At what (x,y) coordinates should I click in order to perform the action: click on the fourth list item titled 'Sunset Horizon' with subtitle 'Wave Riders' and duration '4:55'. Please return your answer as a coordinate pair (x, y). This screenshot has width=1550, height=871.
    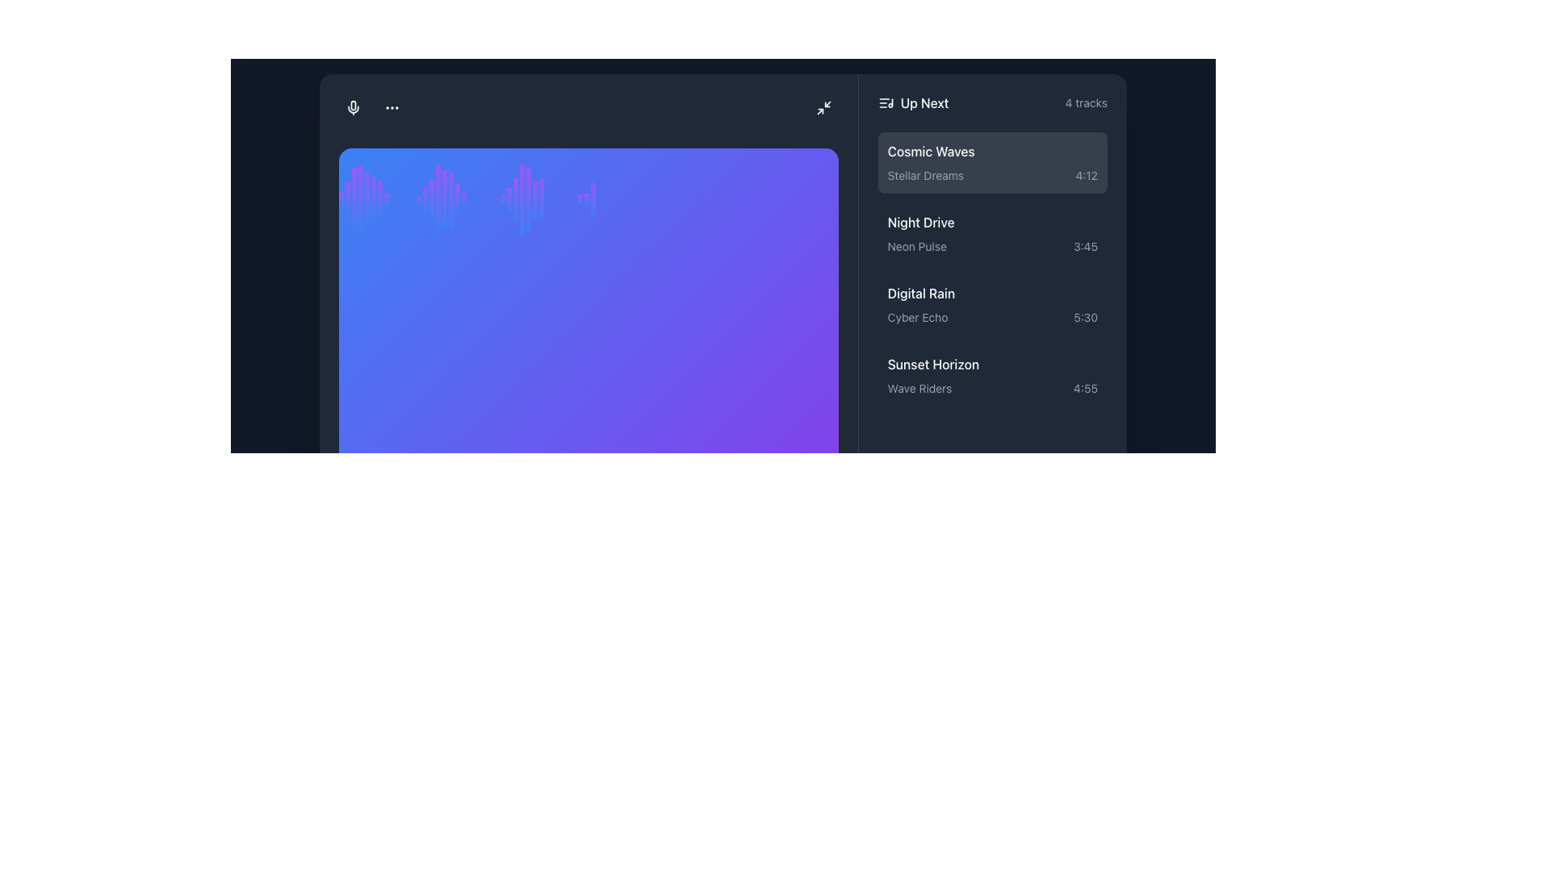
    Looking at the image, I should click on (991, 375).